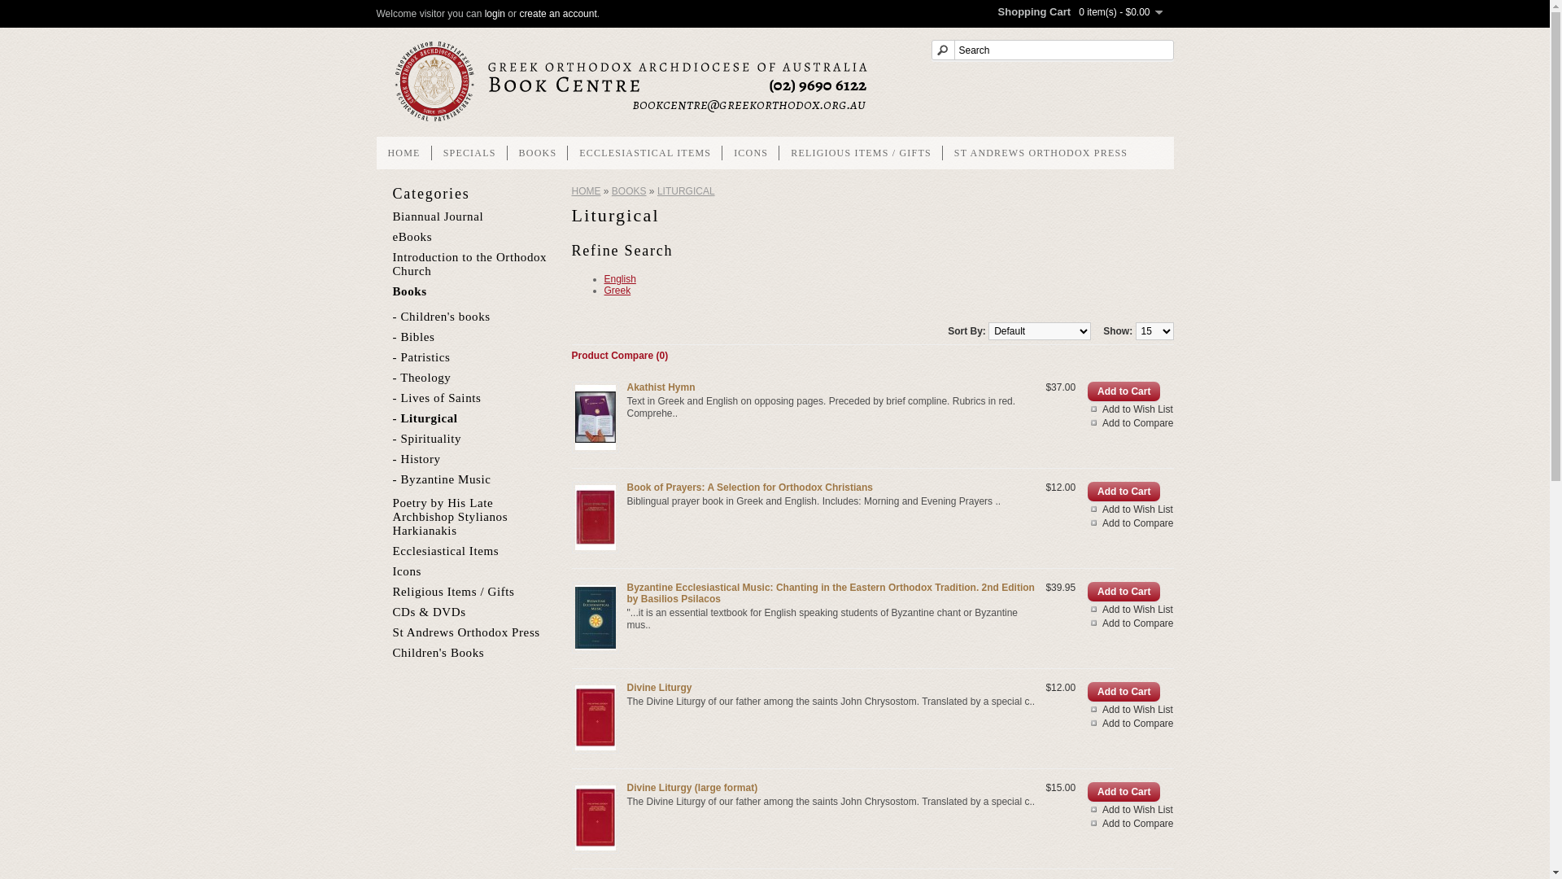 Image resolution: width=1562 pixels, height=879 pixels. I want to click on 'Add to Compare', so click(1129, 623).